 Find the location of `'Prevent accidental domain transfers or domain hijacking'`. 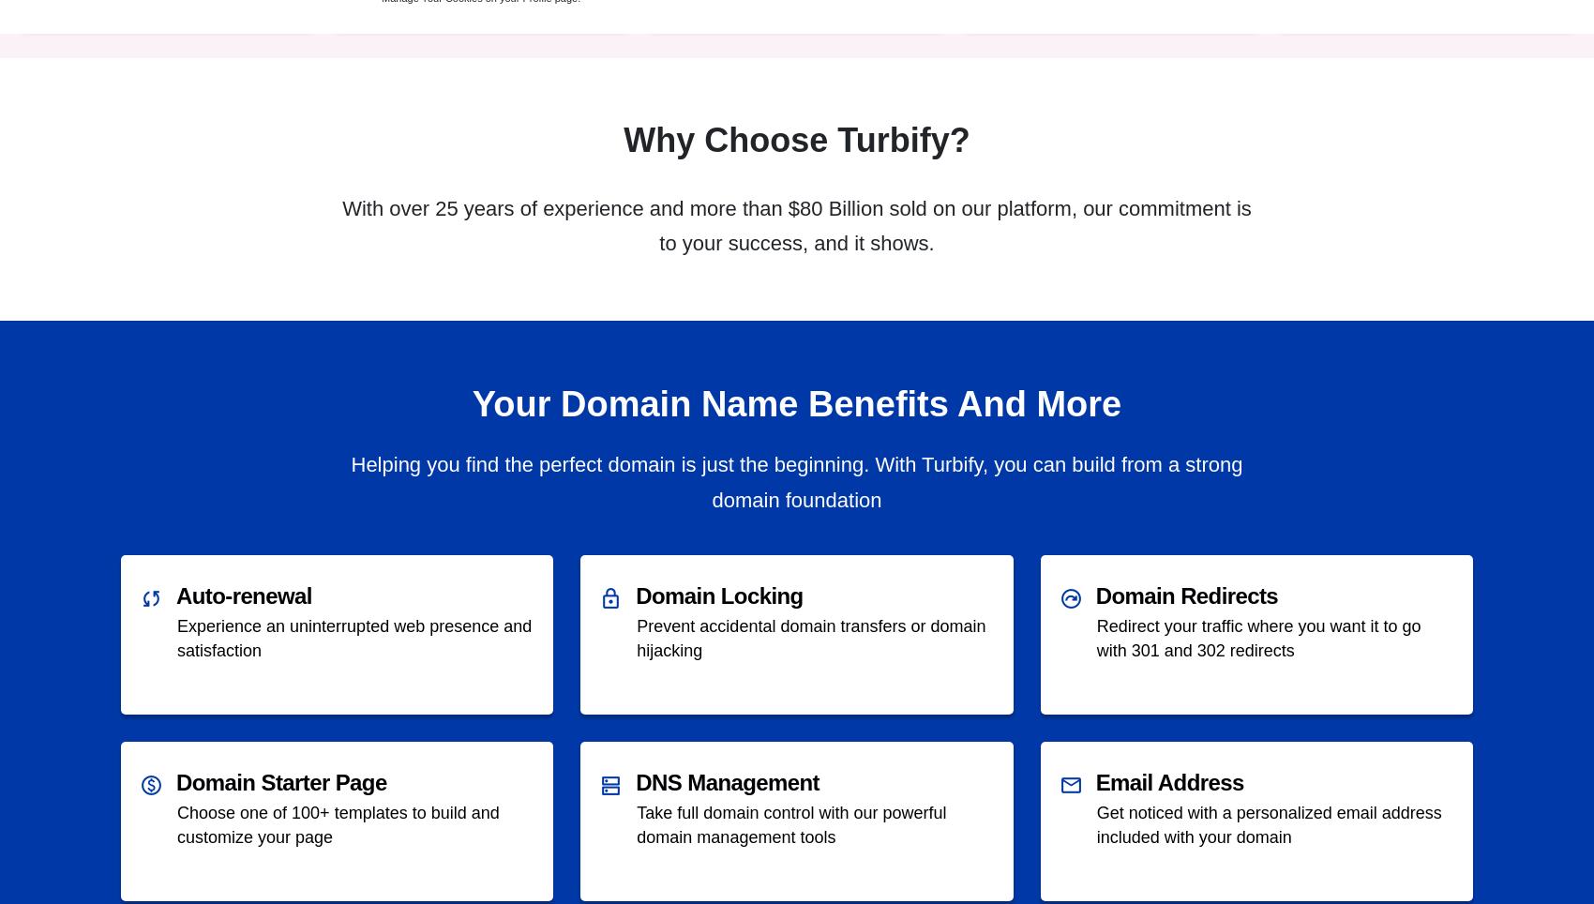

'Prevent accidental domain transfers or domain hijacking' is located at coordinates (810, 637).